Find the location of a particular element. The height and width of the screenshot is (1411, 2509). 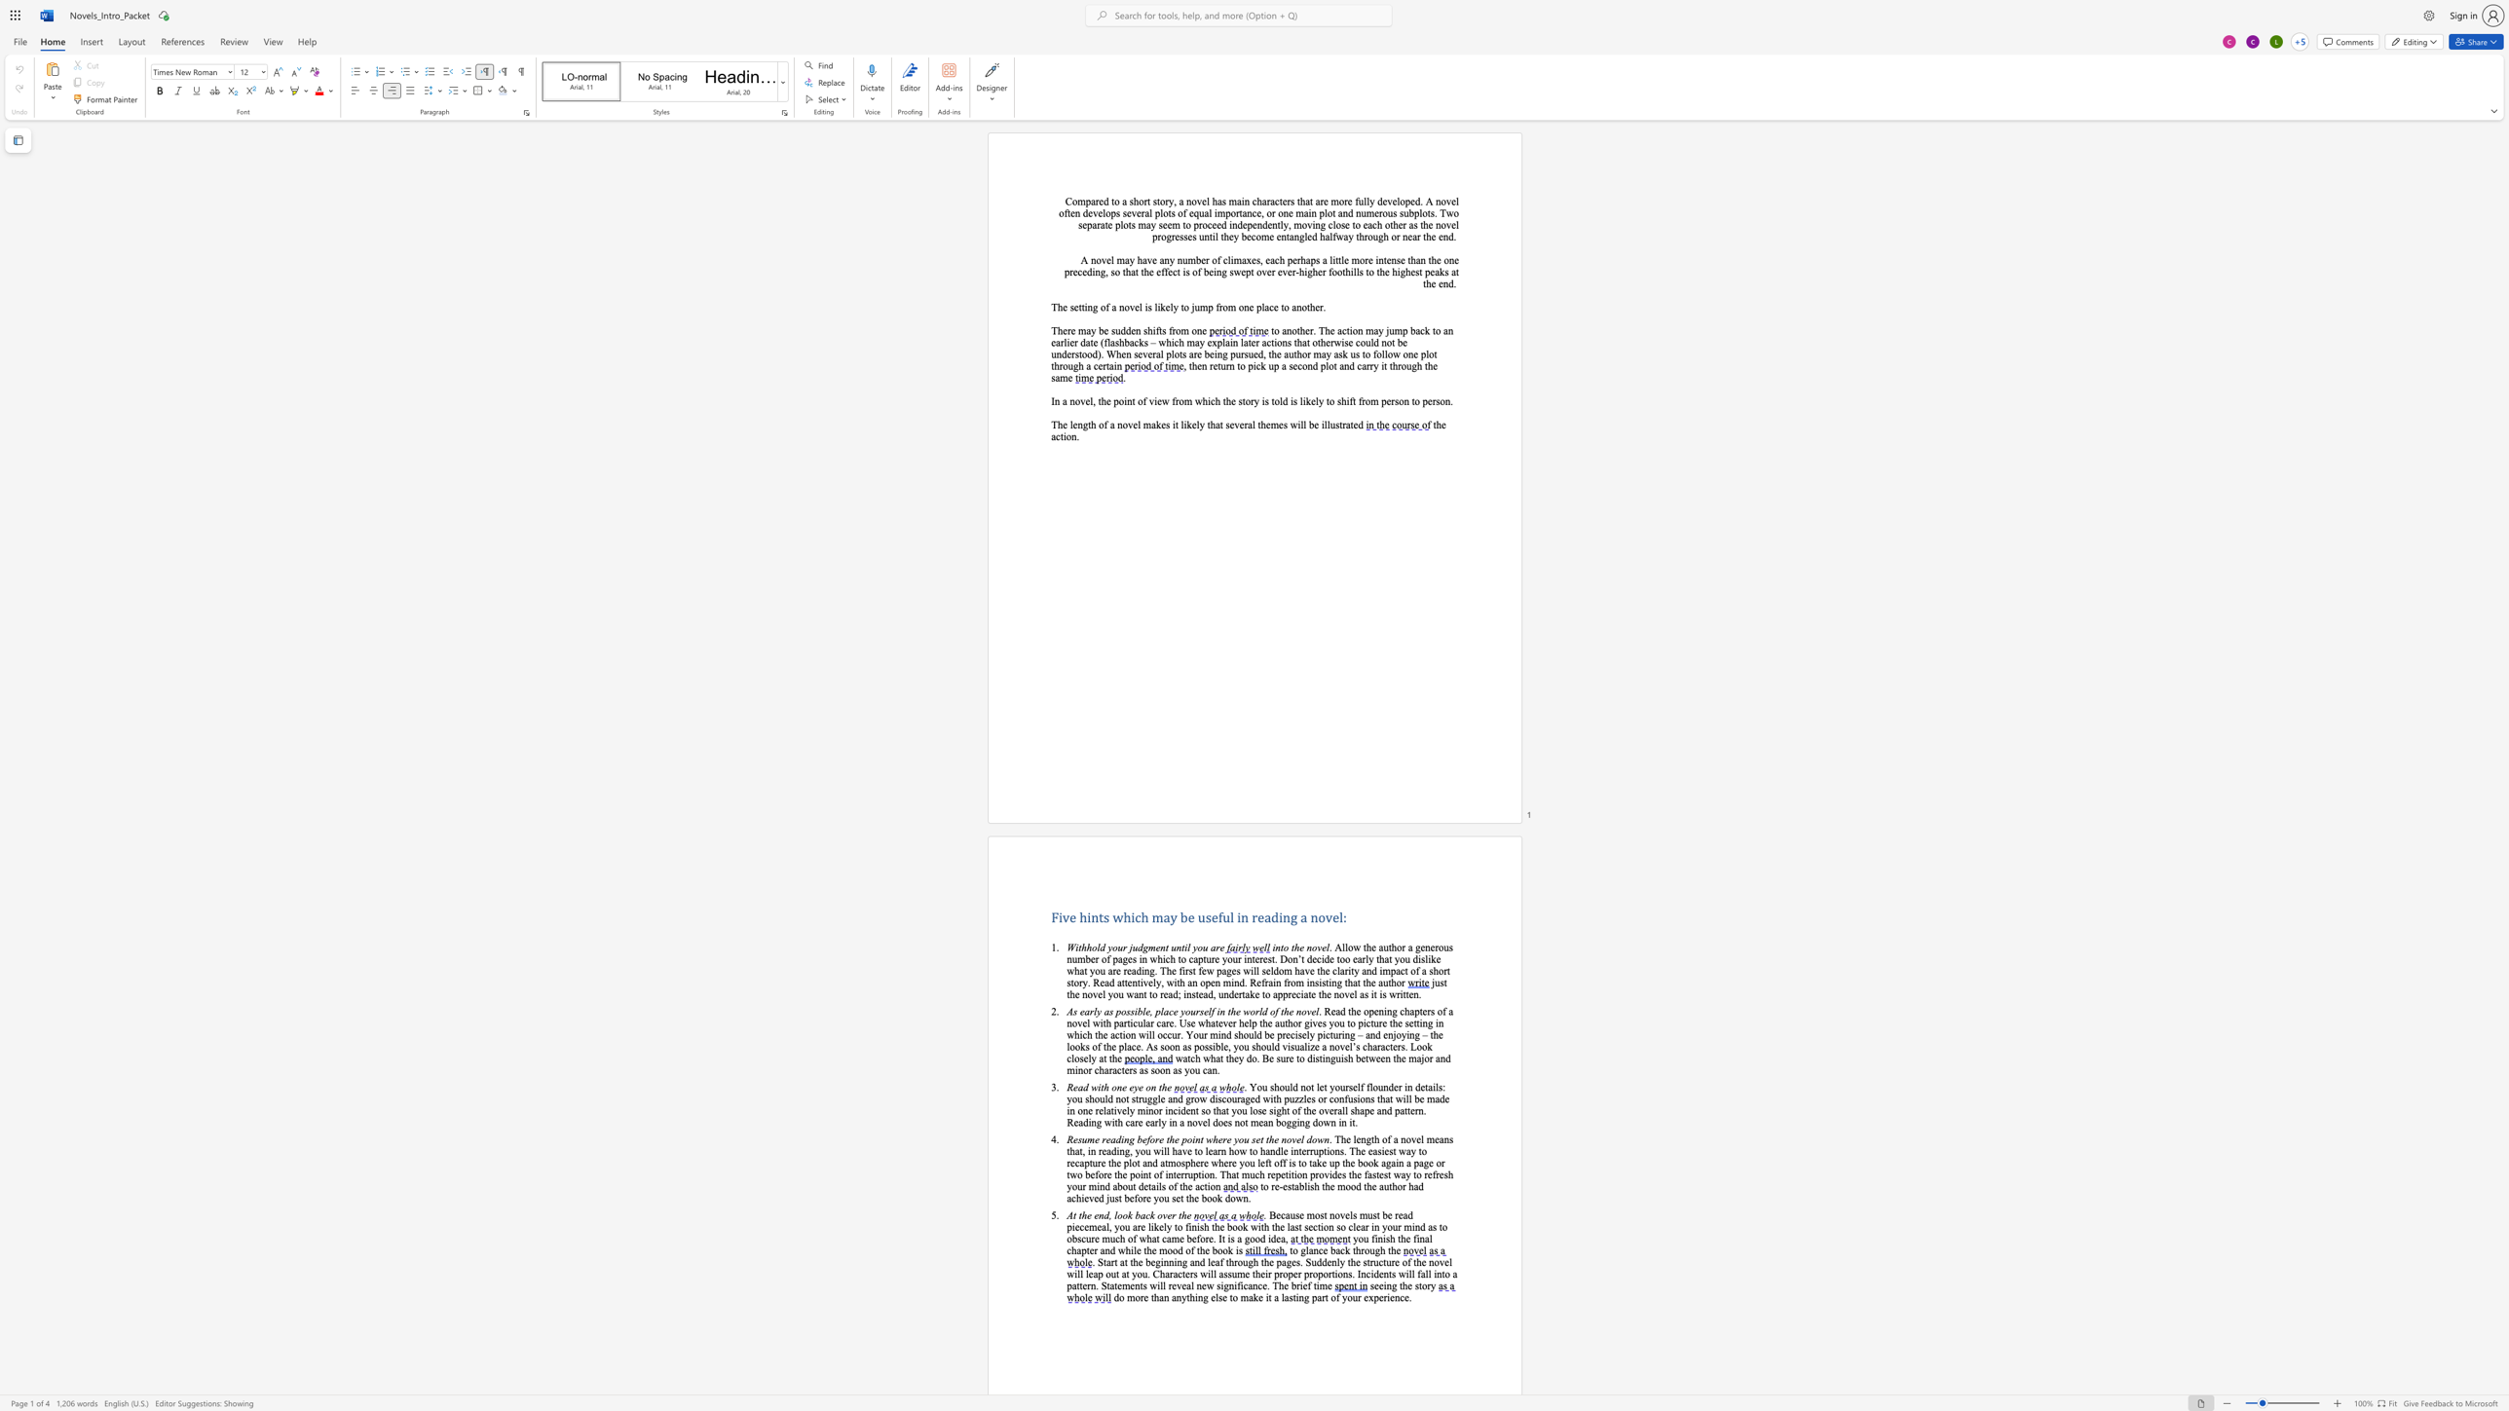

the 2th character "t" in the text is located at coordinates (1061, 436).